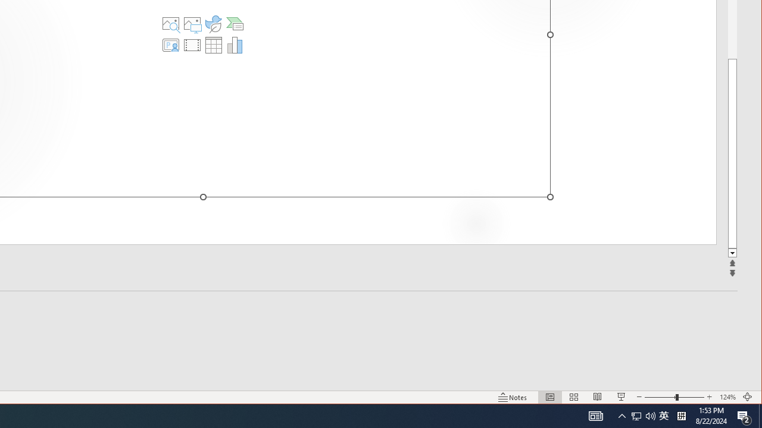 The width and height of the screenshot is (762, 428). Describe the element at coordinates (214, 44) in the screenshot. I see `'Insert Table'` at that location.